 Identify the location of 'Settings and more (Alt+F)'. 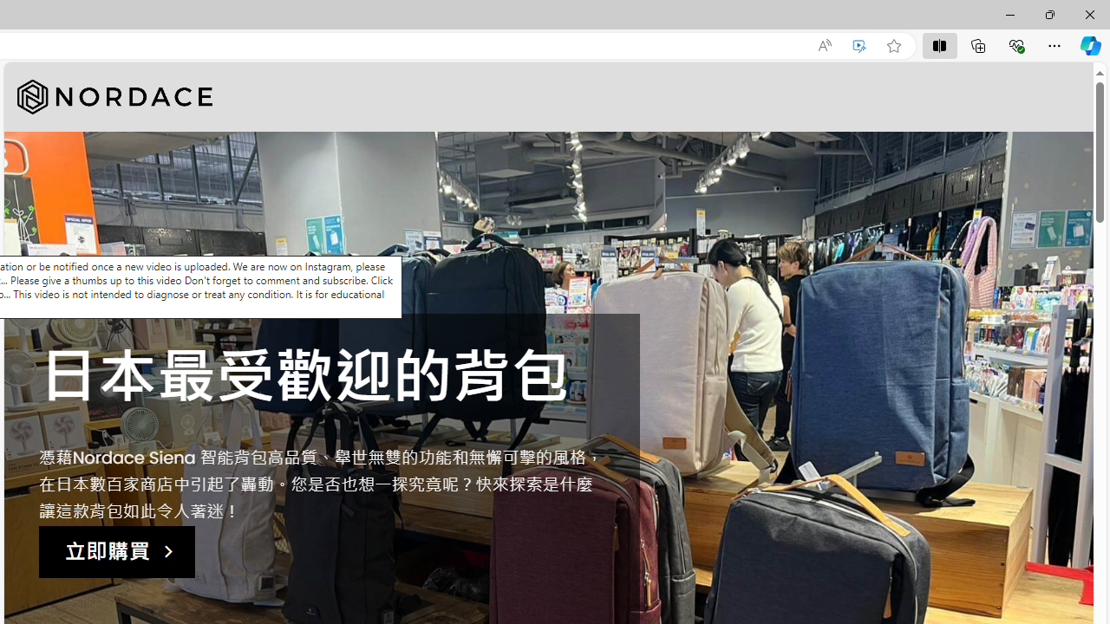
(1054, 44).